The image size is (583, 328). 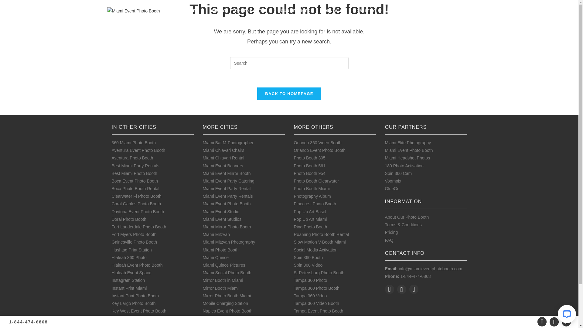 What do you see at coordinates (319, 150) in the screenshot?
I see `'Orlando Event Photo Booth'` at bounding box center [319, 150].